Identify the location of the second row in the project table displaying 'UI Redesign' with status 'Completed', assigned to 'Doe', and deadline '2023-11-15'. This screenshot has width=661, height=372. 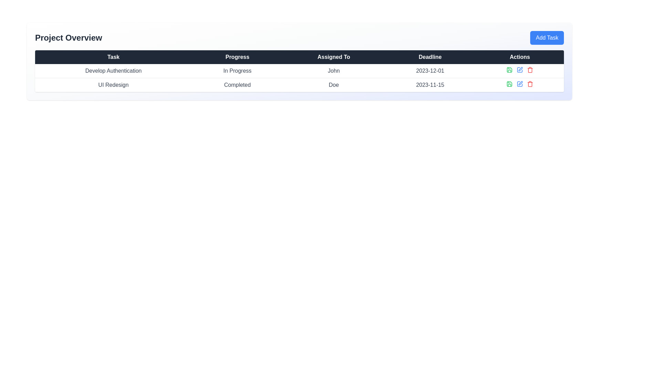
(299, 84).